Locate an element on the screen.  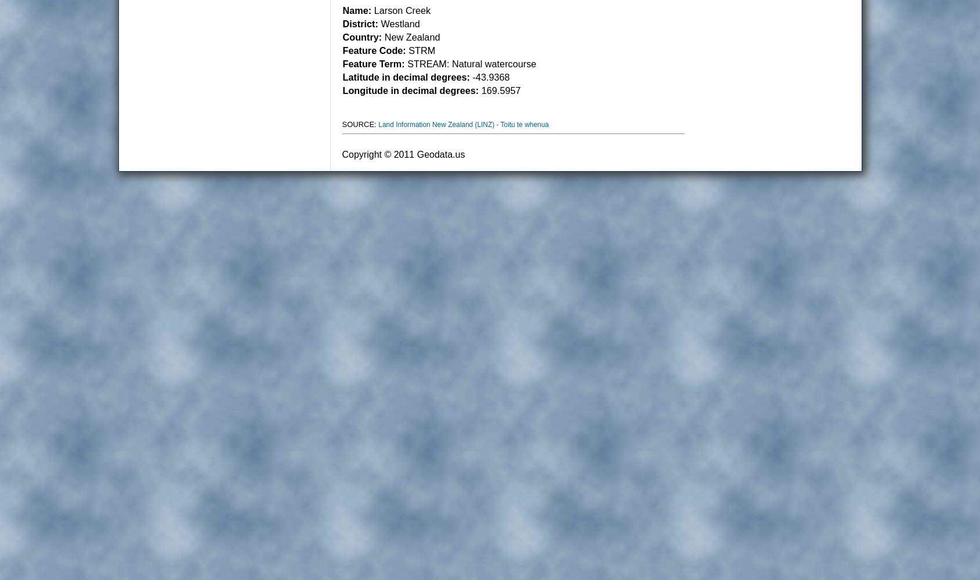
'Feature Term:' is located at coordinates (373, 63).